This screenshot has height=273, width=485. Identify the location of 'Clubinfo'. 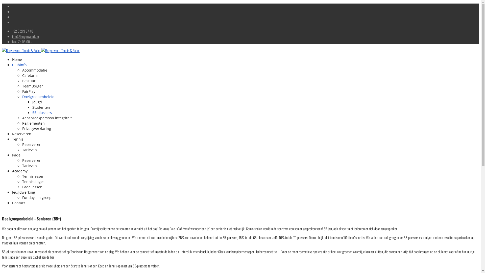
(19, 64).